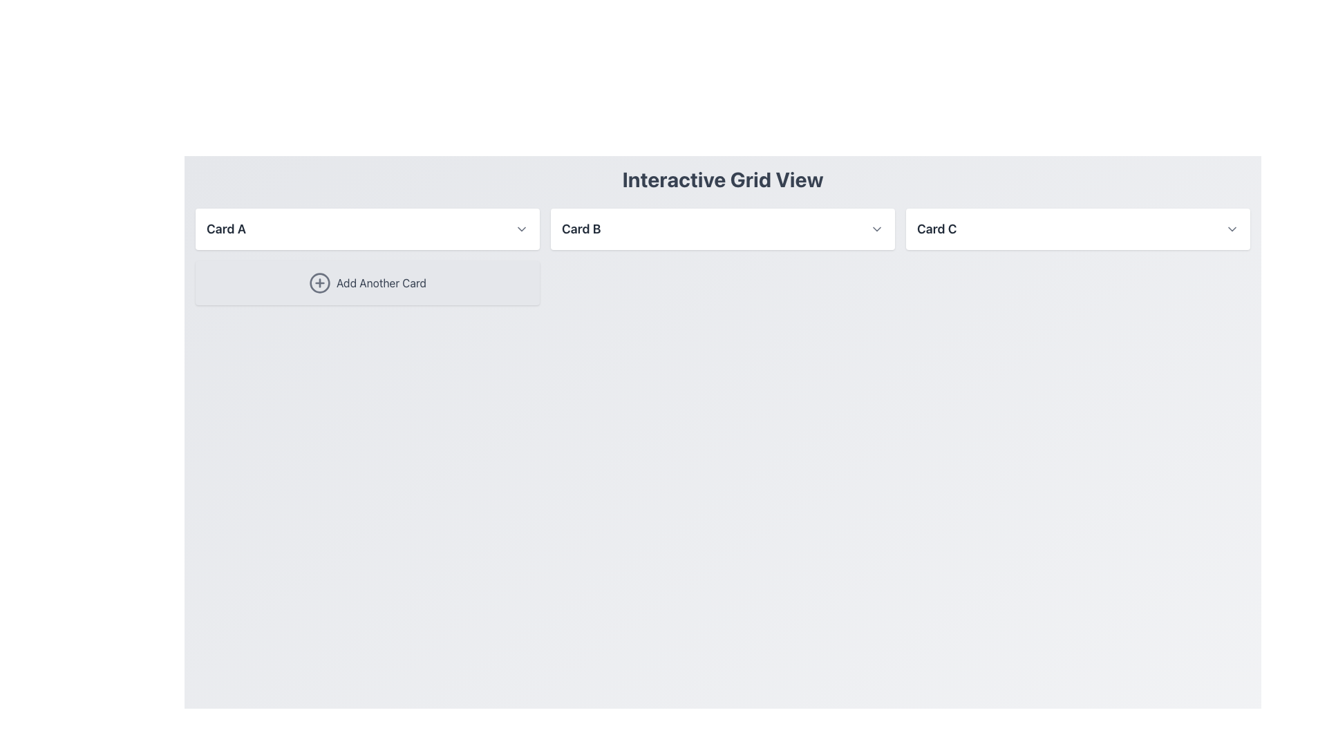 This screenshot has height=746, width=1327. Describe the element at coordinates (368, 282) in the screenshot. I see `the rectangular button labeled 'Add Another Card' with a plus icon, located in the first column and second row of the grid layout` at that location.